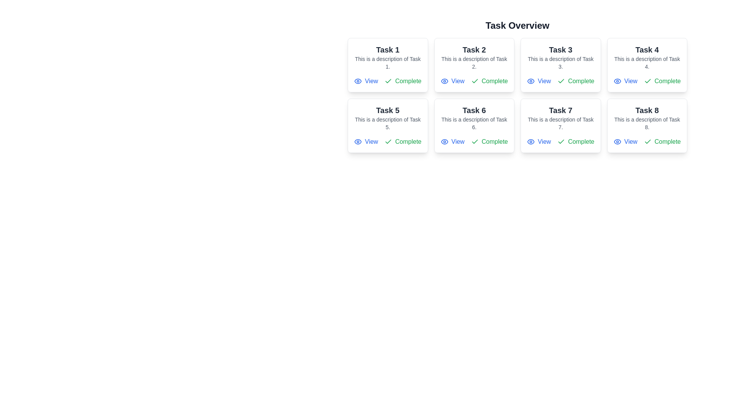 This screenshot has height=414, width=736. I want to click on the small green checkmark icon indicating task completion next to the text 'Complete' in 'Task 6', so click(474, 142).